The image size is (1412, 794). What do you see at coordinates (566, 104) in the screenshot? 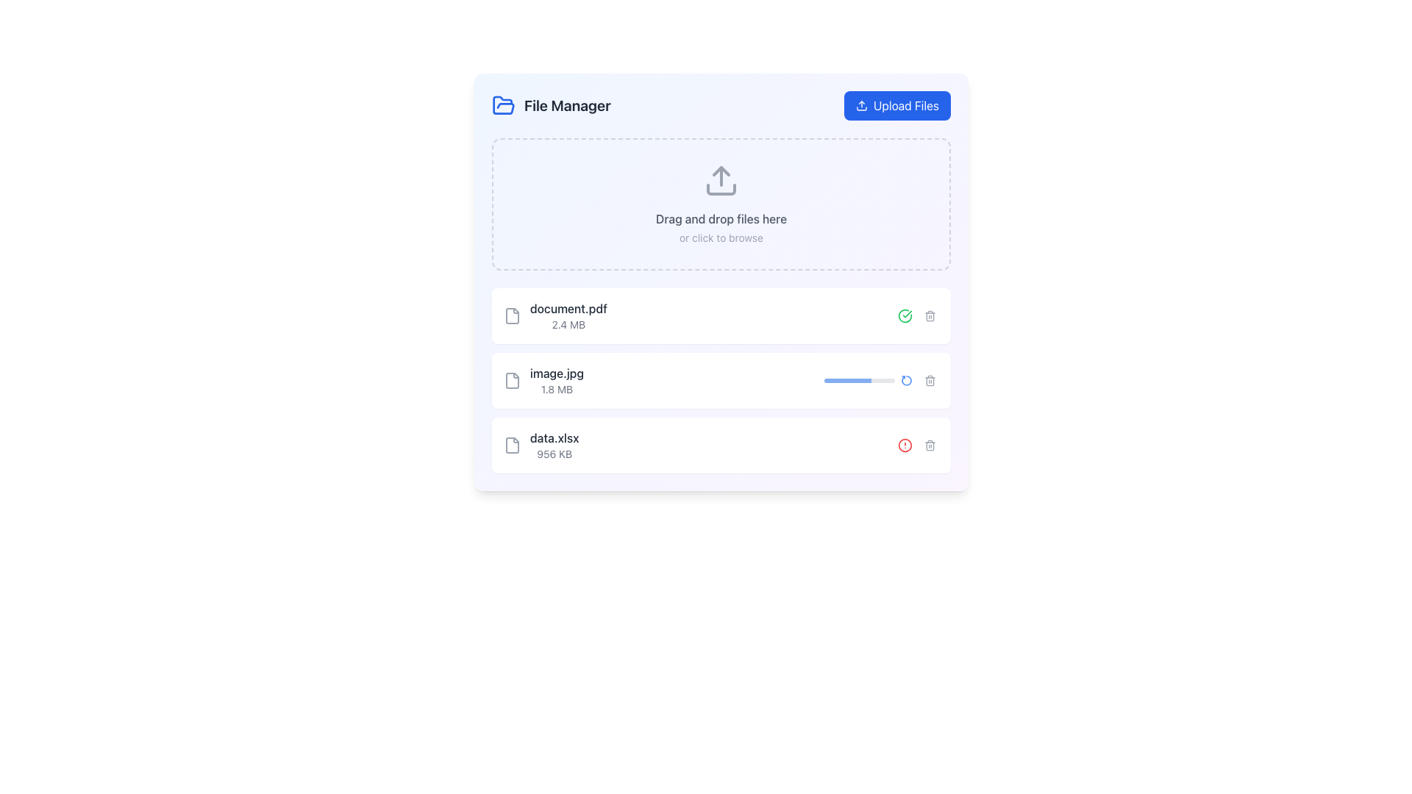
I see `the static Text label that serves as a descriptive title for the file management section, located beside a folder icon in the top-left section of the interface` at bounding box center [566, 104].